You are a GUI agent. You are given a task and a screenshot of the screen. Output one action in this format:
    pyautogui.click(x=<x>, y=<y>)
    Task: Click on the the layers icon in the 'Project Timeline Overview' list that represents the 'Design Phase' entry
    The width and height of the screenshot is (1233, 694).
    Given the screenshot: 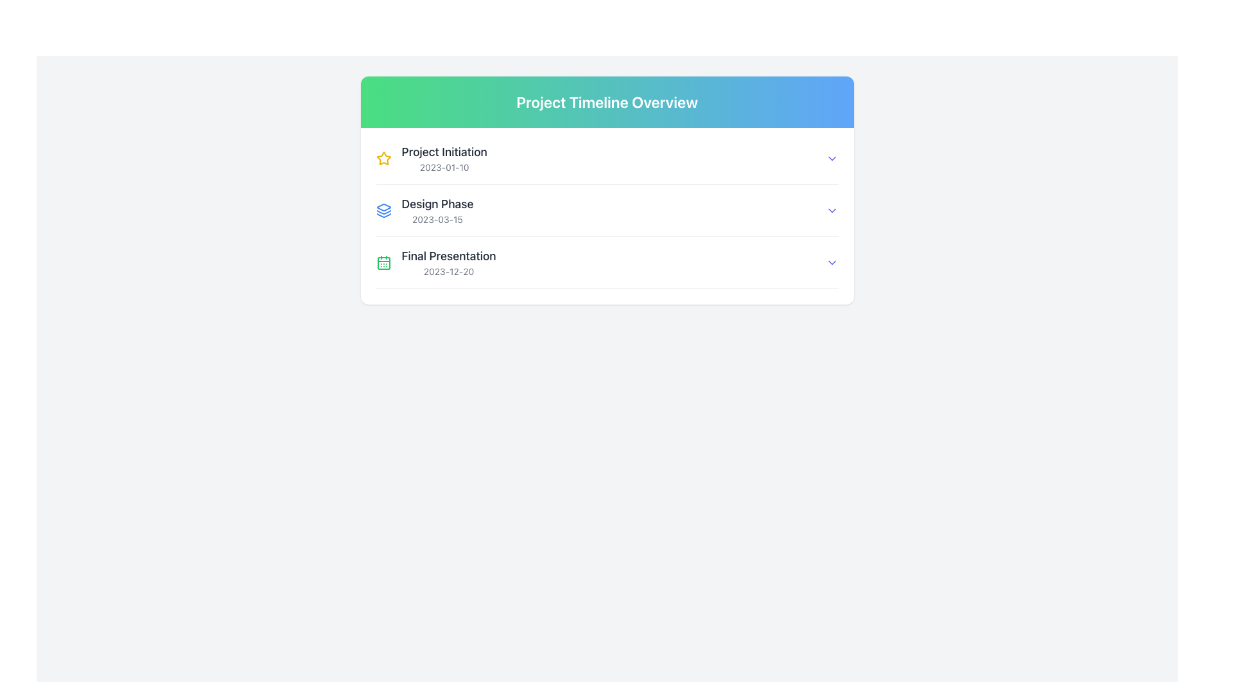 What is the action you would take?
    pyautogui.click(x=383, y=209)
    